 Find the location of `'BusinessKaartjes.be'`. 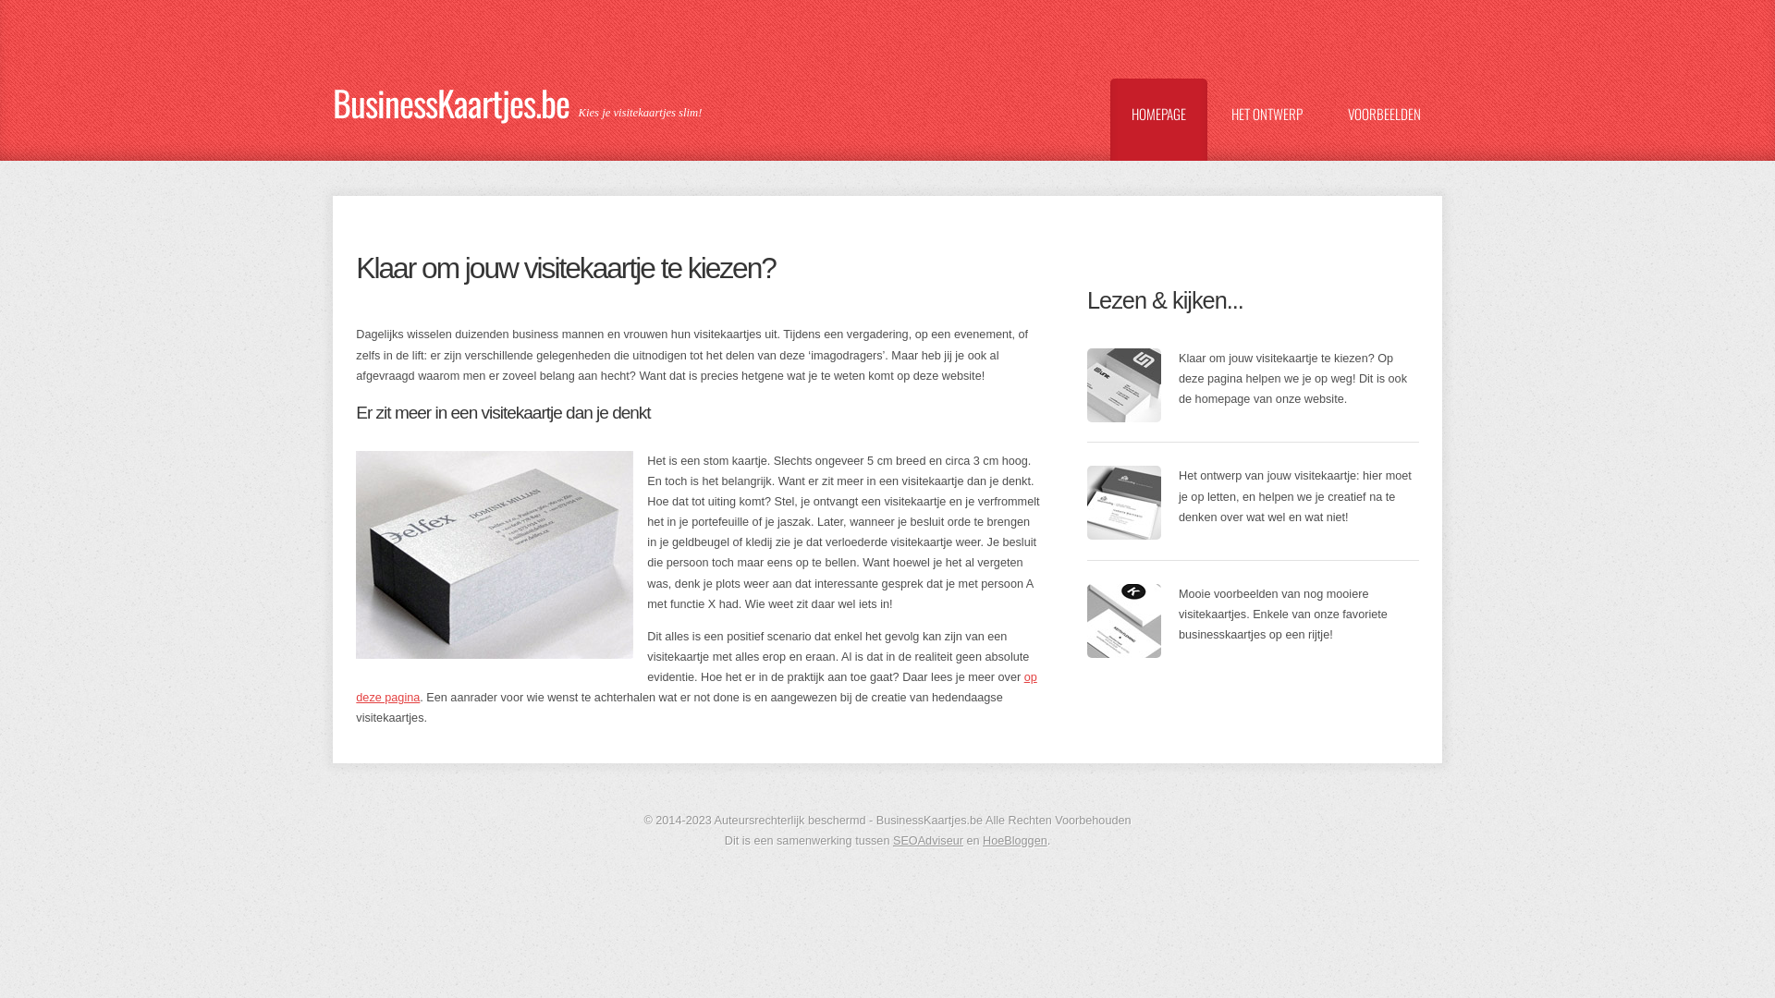

'BusinessKaartjes.be' is located at coordinates (456, 93).